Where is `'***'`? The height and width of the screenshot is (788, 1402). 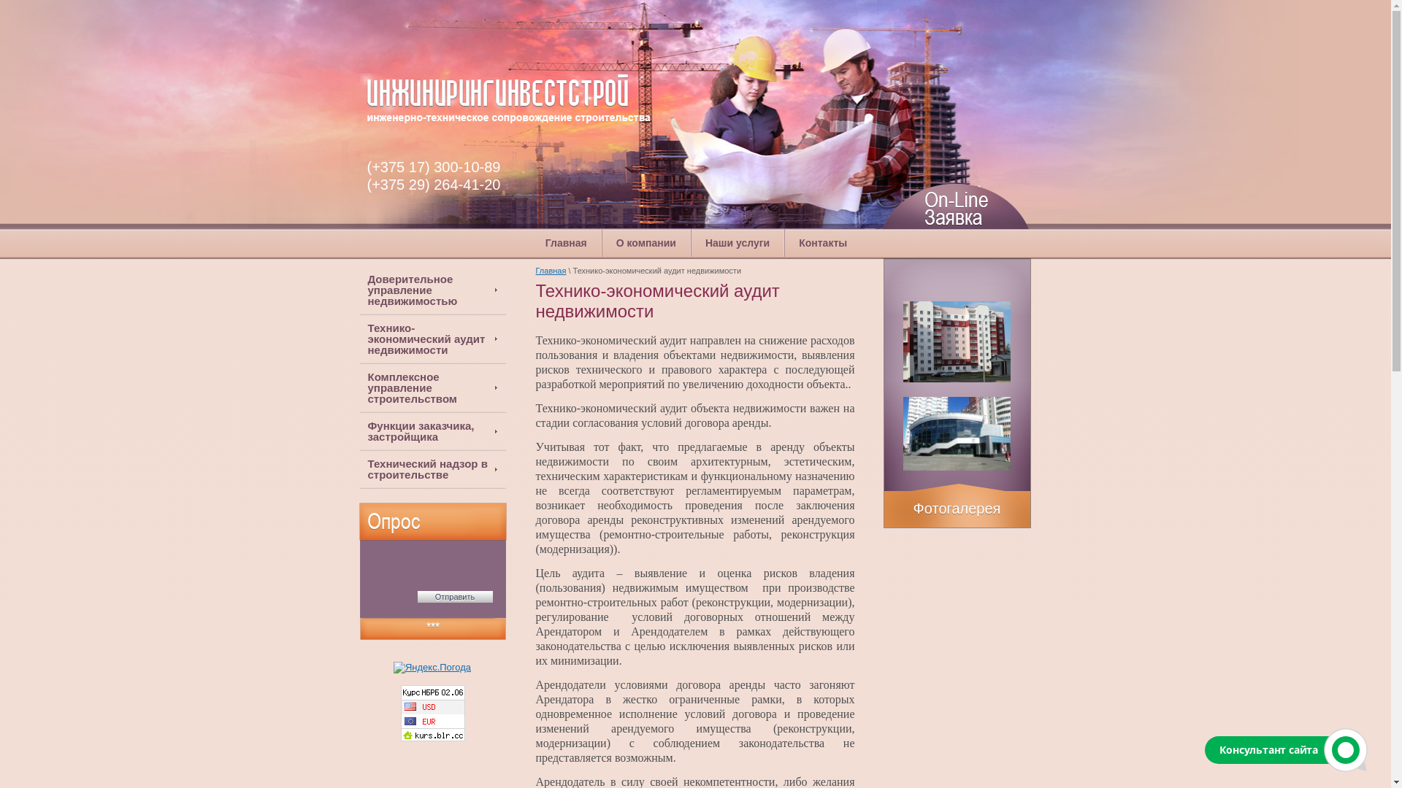
'***' is located at coordinates (431, 627).